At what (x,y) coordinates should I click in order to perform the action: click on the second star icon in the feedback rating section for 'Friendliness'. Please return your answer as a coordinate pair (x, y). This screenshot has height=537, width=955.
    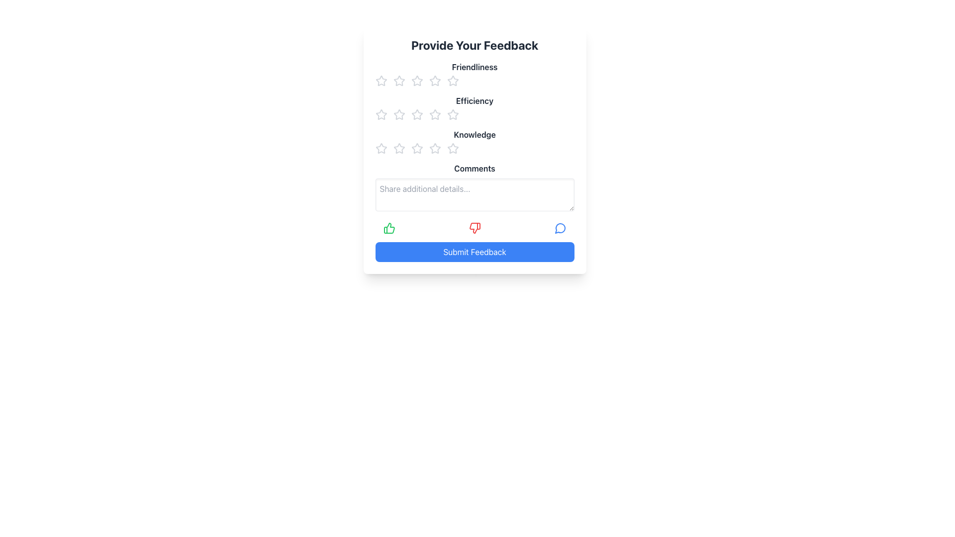
    Looking at the image, I should click on (452, 80).